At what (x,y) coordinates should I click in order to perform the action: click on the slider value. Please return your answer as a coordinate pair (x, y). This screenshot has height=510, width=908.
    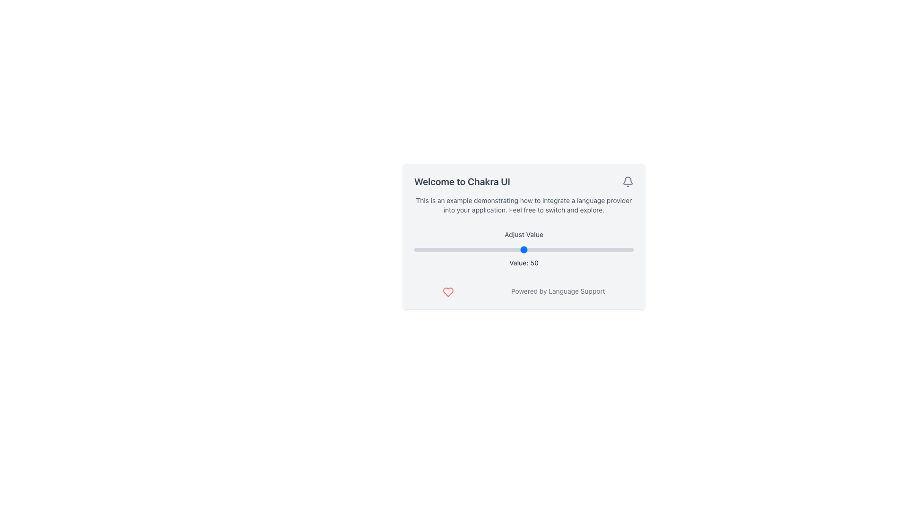
    Looking at the image, I should click on (480, 249).